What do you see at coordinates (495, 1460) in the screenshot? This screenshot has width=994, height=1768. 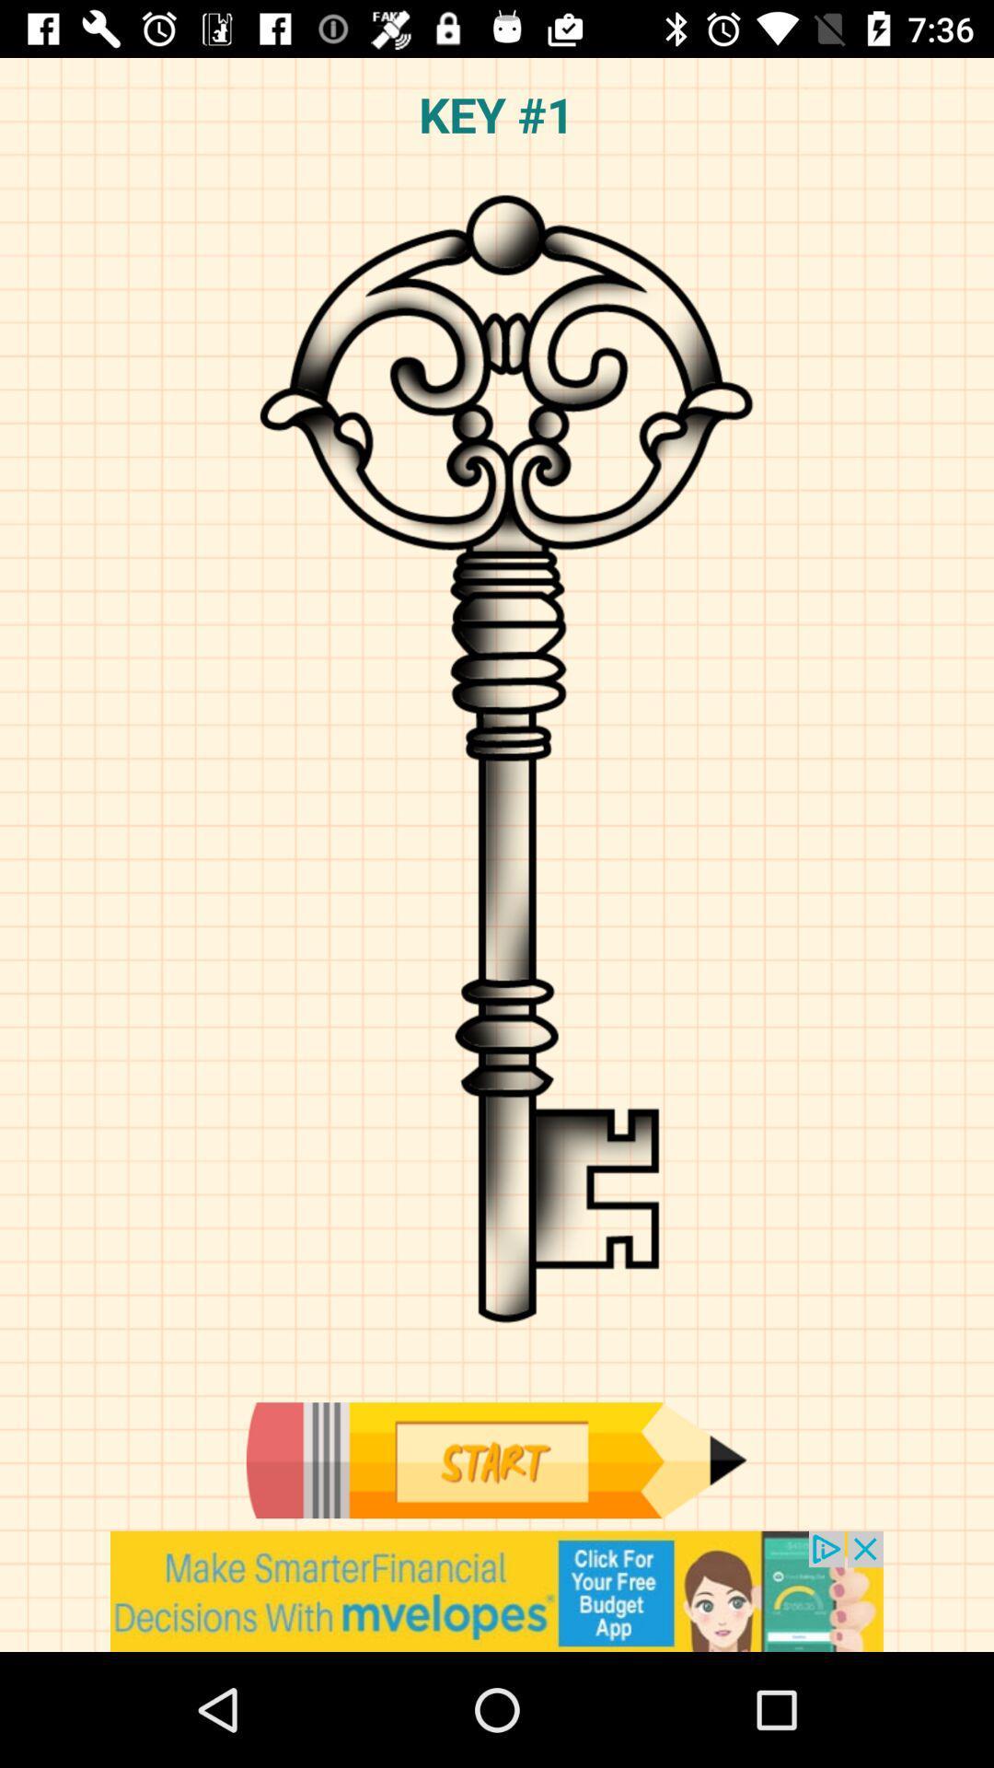 I see `next level proces` at bounding box center [495, 1460].